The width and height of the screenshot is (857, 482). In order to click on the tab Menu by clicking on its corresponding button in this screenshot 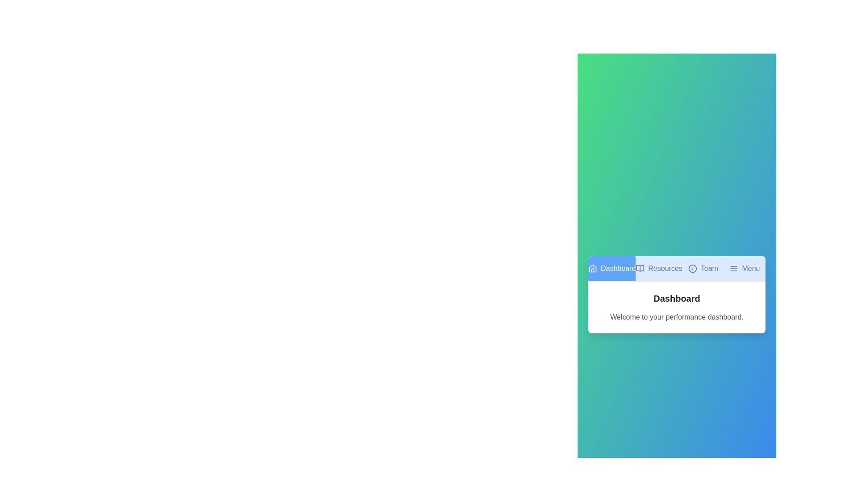, I will do `click(745, 268)`.